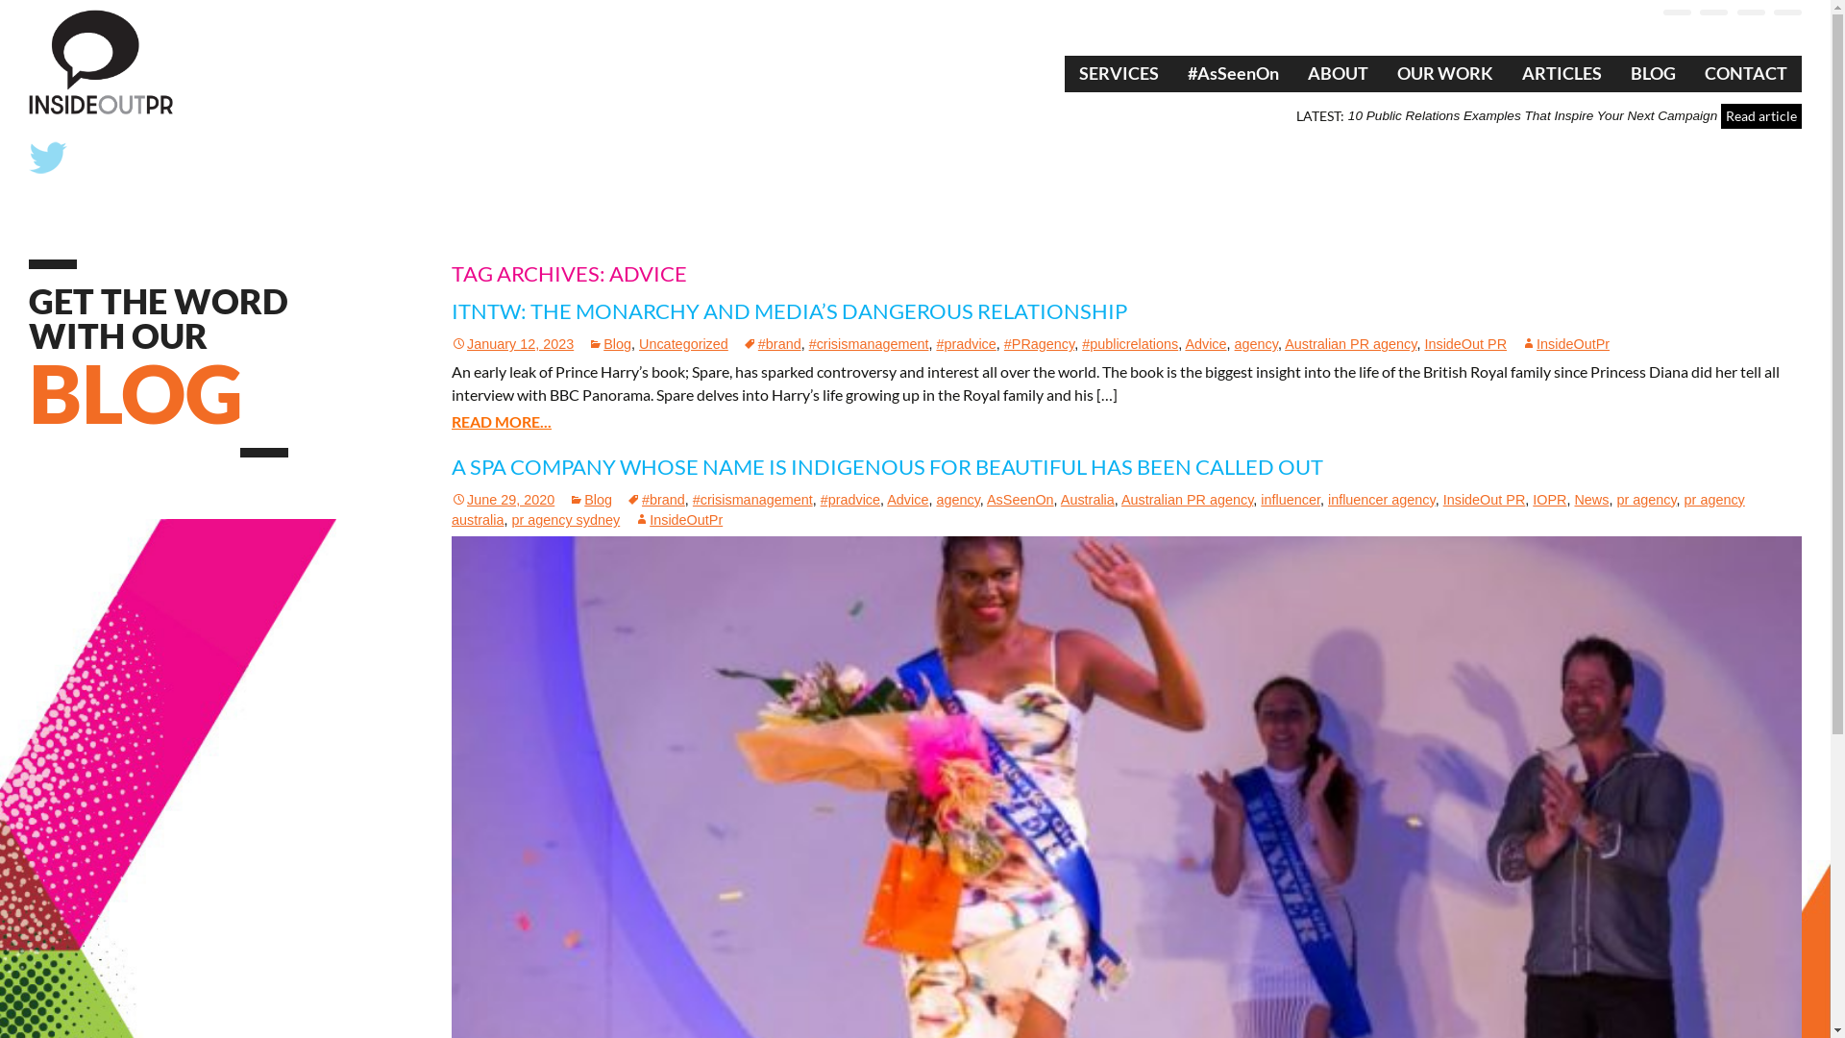  Describe the element at coordinates (683, 343) in the screenshot. I see `'Uncategorized'` at that location.